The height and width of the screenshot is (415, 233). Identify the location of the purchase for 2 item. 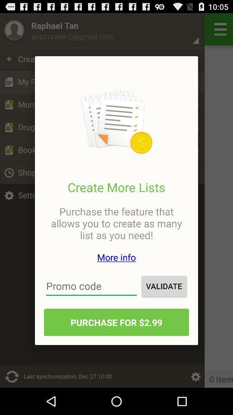
(116, 322).